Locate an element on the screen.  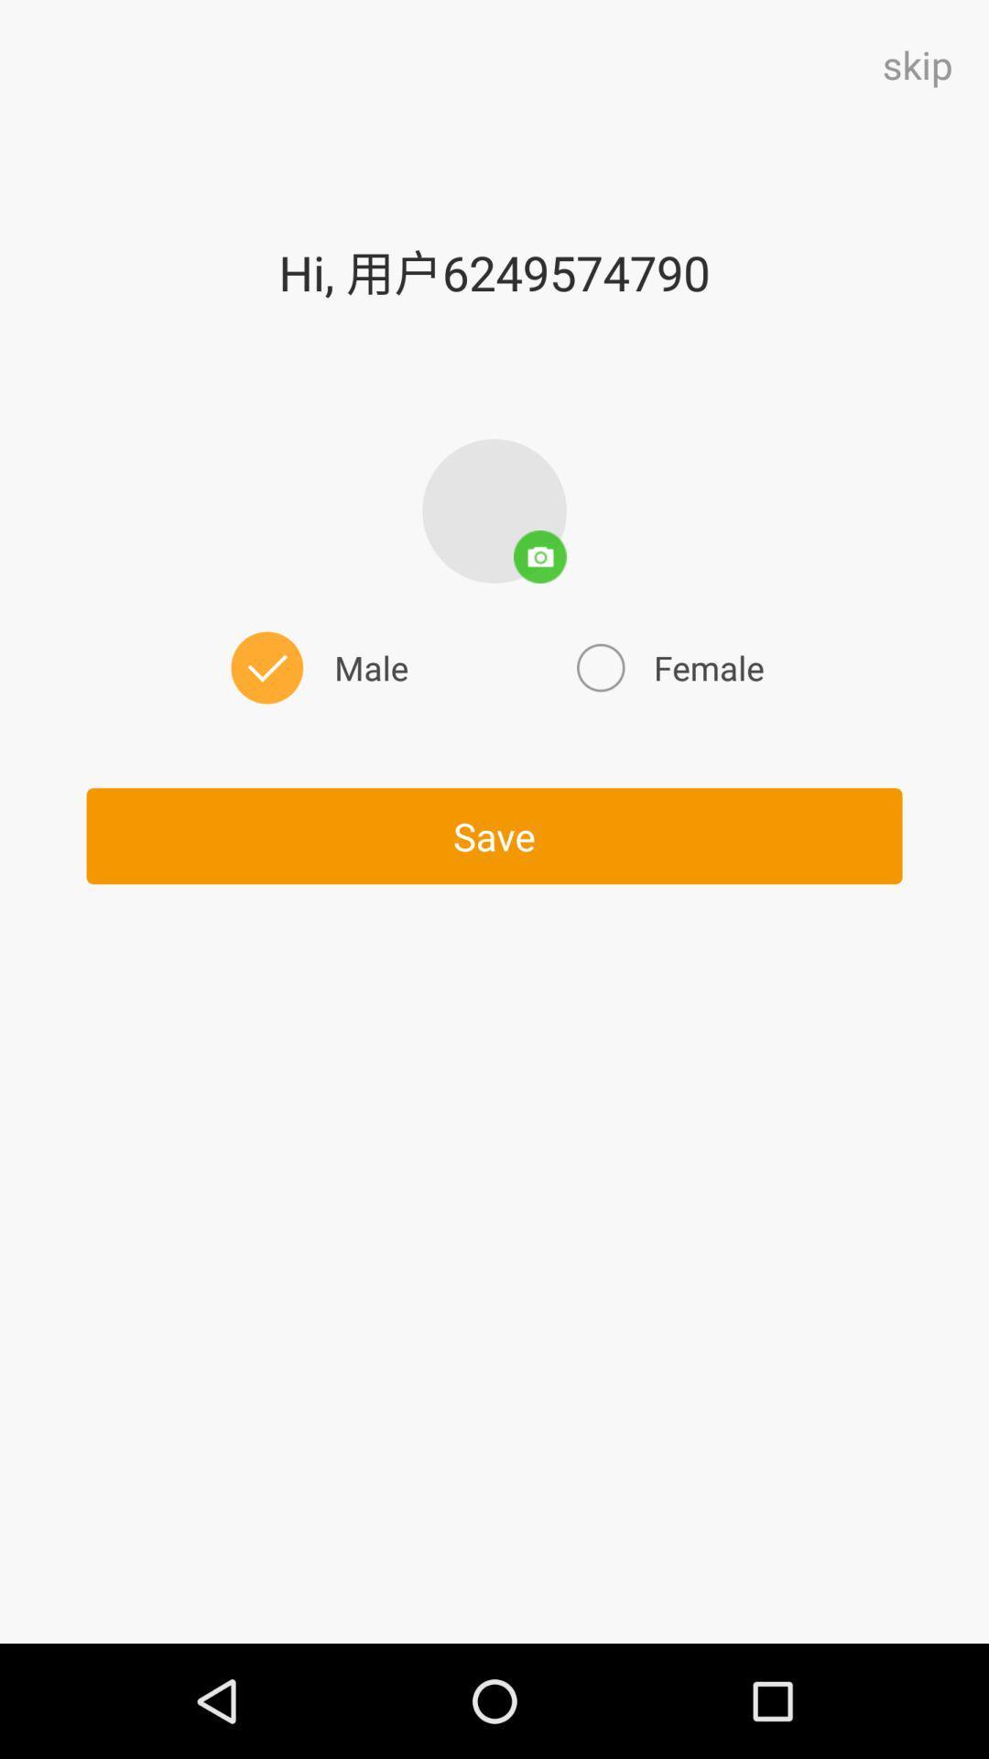
the skip item is located at coordinates (918, 64).